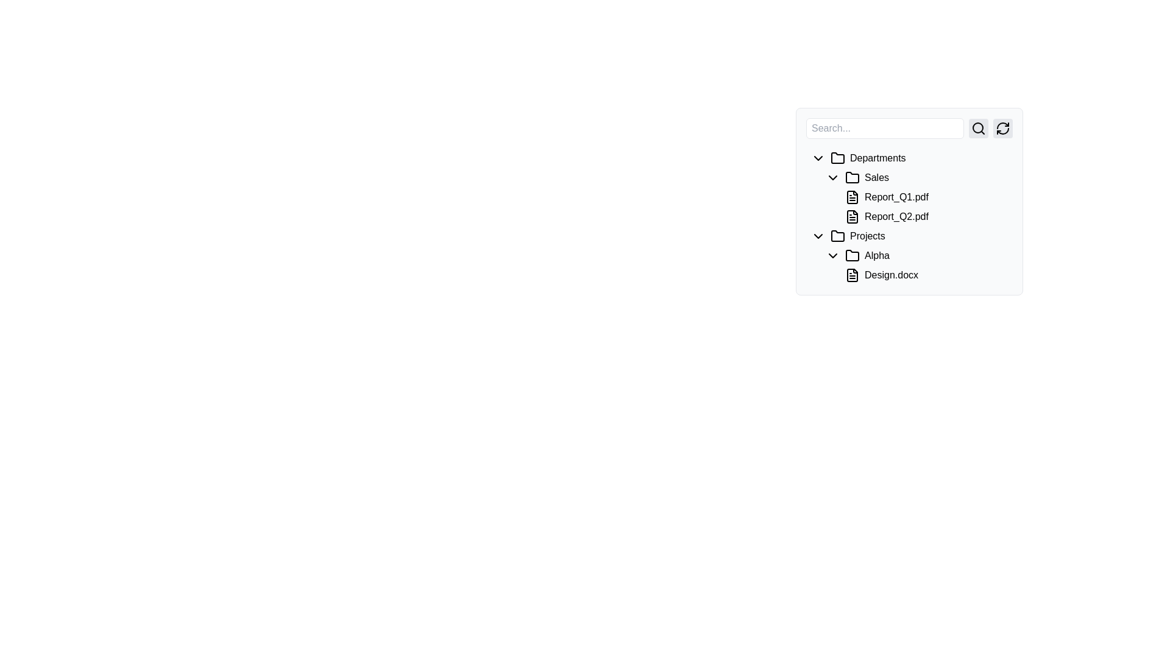 The width and height of the screenshot is (1170, 658). I want to click on the 'Projects' folder node in the tree view, so click(909, 236).